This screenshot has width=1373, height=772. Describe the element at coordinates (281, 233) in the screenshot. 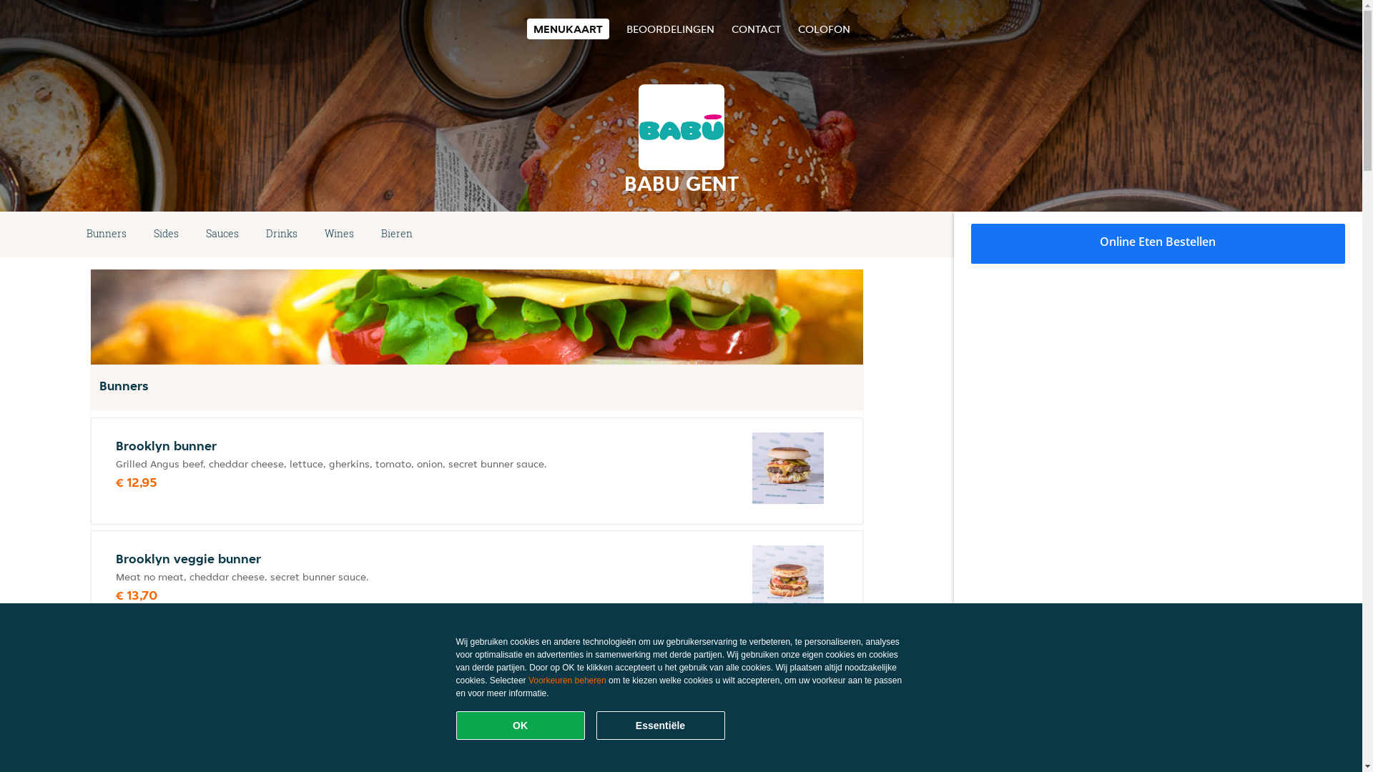

I see `'Drinks'` at that location.